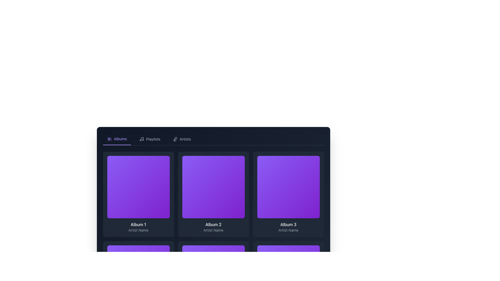 The width and height of the screenshot is (500, 281). What do you see at coordinates (213, 194) in the screenshot?
I see `the second card in the top row of the grid layout` at bounding box center [213, 194].